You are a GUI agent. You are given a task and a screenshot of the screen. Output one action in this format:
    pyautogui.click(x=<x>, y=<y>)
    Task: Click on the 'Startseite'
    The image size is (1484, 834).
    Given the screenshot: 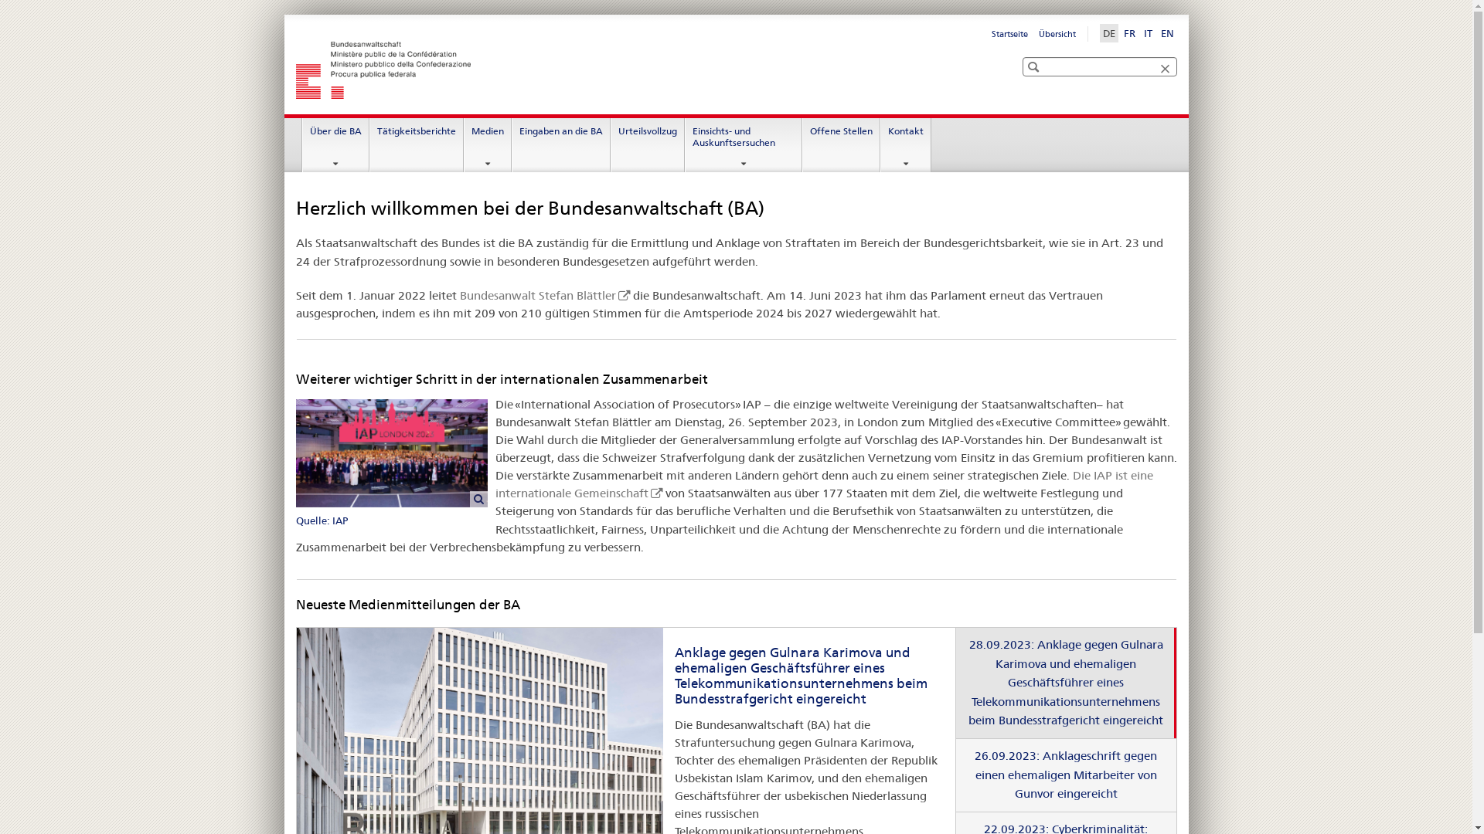 What is the action you would take?
    pyautogui.click(x=991, y=33)
    